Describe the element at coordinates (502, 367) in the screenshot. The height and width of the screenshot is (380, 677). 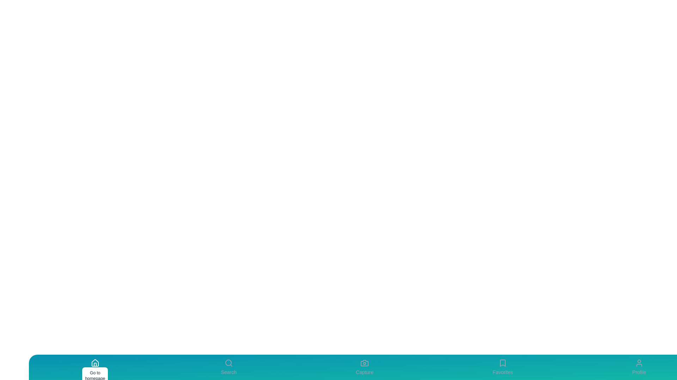
I see `the Favorites icon to perform its associated action` at that location.